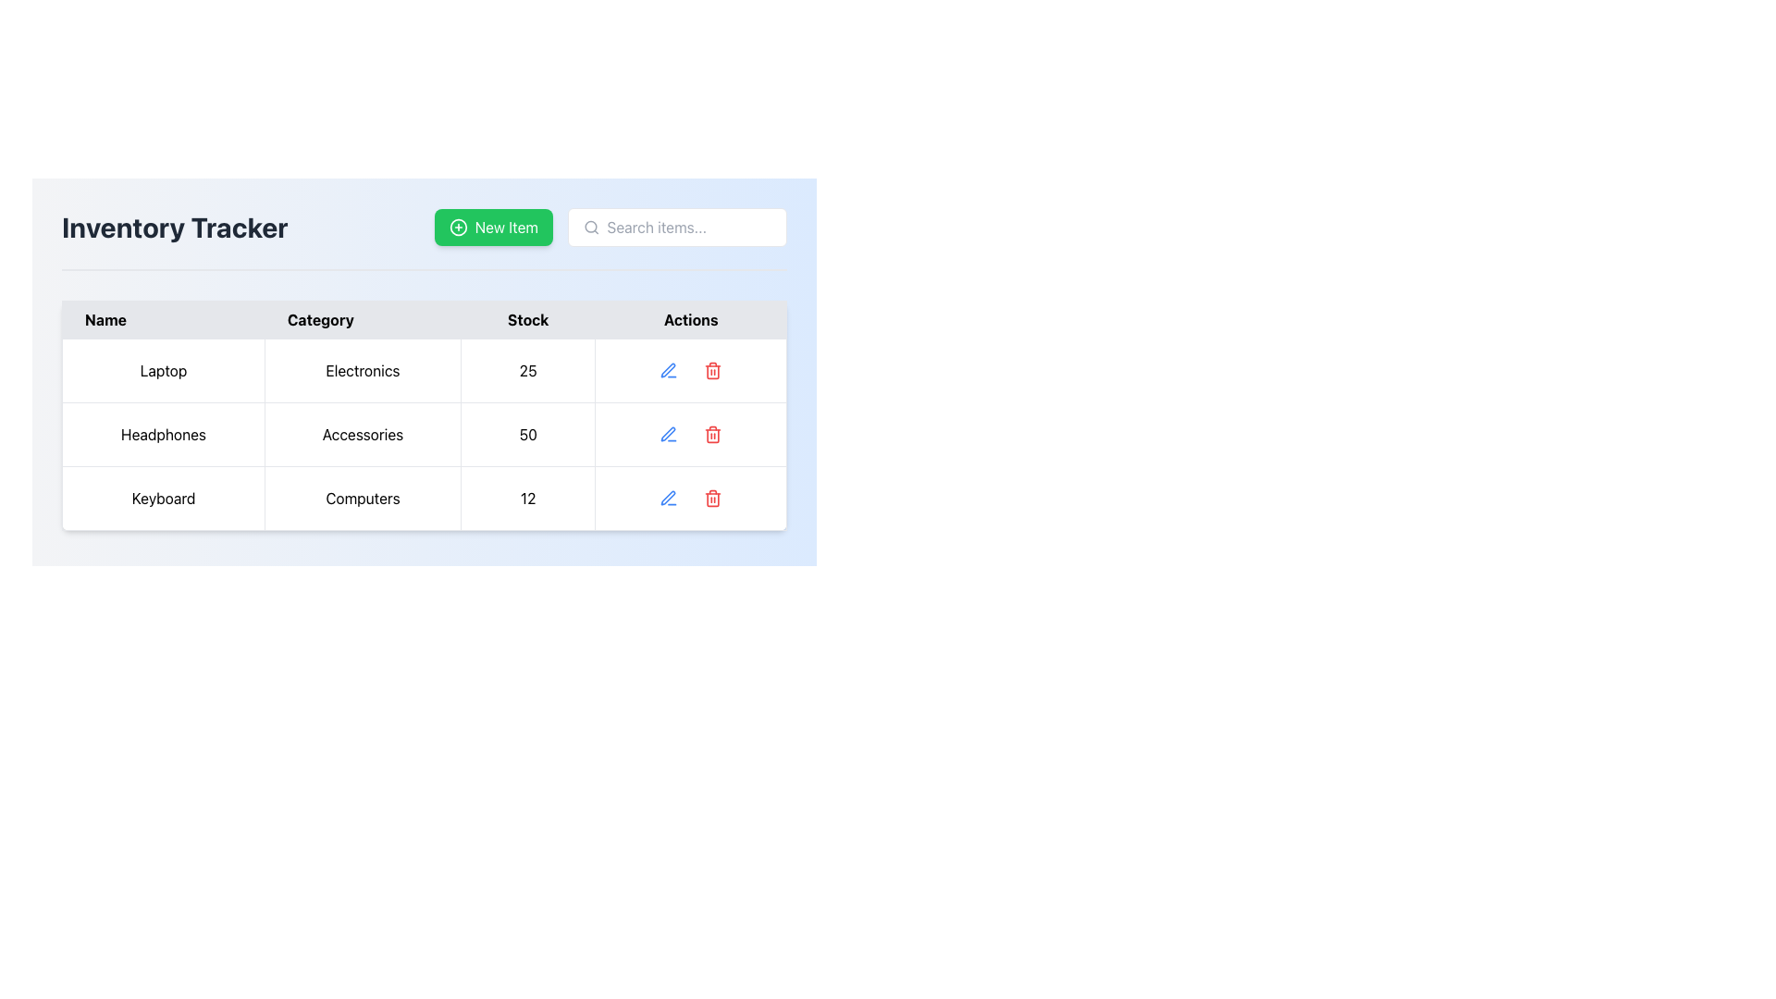  I want to click on the table cell displaying the stock quantity for the 'Headphones' item, located in the third column of the second row under the 'Stock' header, so click(527, 435).